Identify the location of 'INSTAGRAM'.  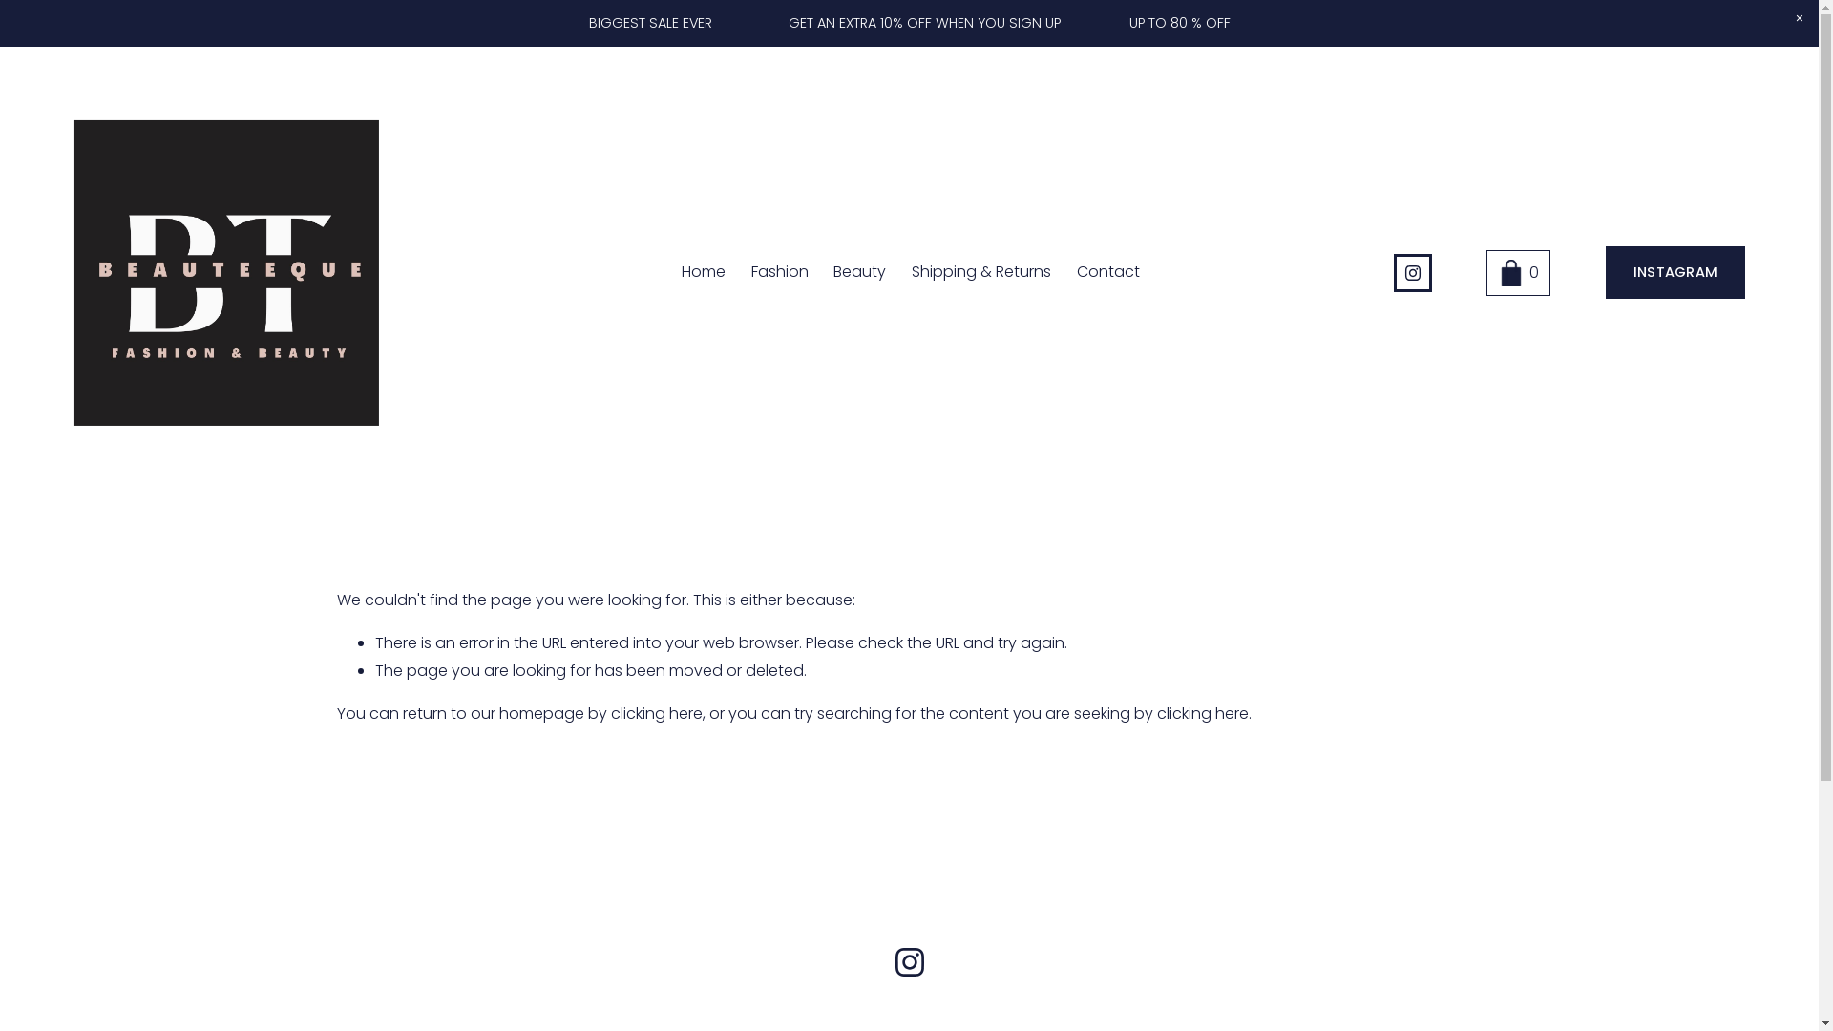
(1604, 272).